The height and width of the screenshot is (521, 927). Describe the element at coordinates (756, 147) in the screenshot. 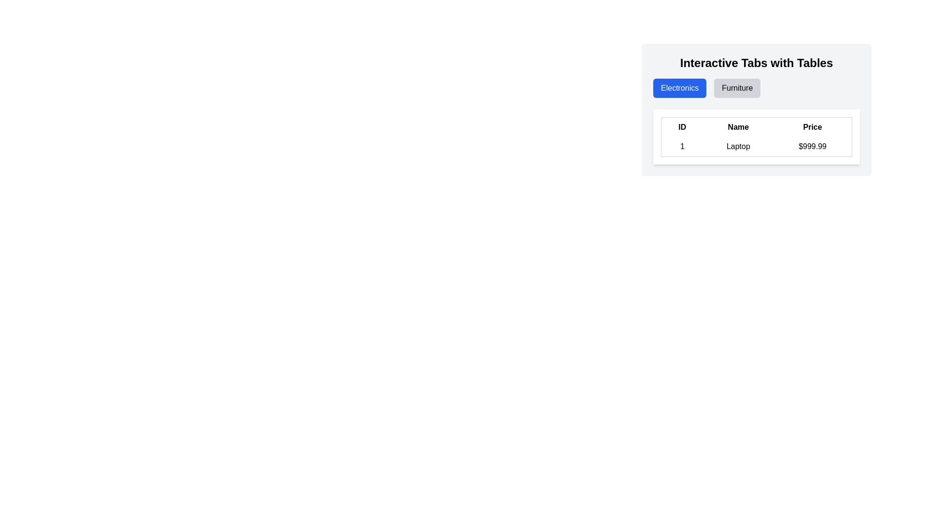

I see `the first row in the table, which includes '1', 'Laptop', and '$999.99'` at that location.